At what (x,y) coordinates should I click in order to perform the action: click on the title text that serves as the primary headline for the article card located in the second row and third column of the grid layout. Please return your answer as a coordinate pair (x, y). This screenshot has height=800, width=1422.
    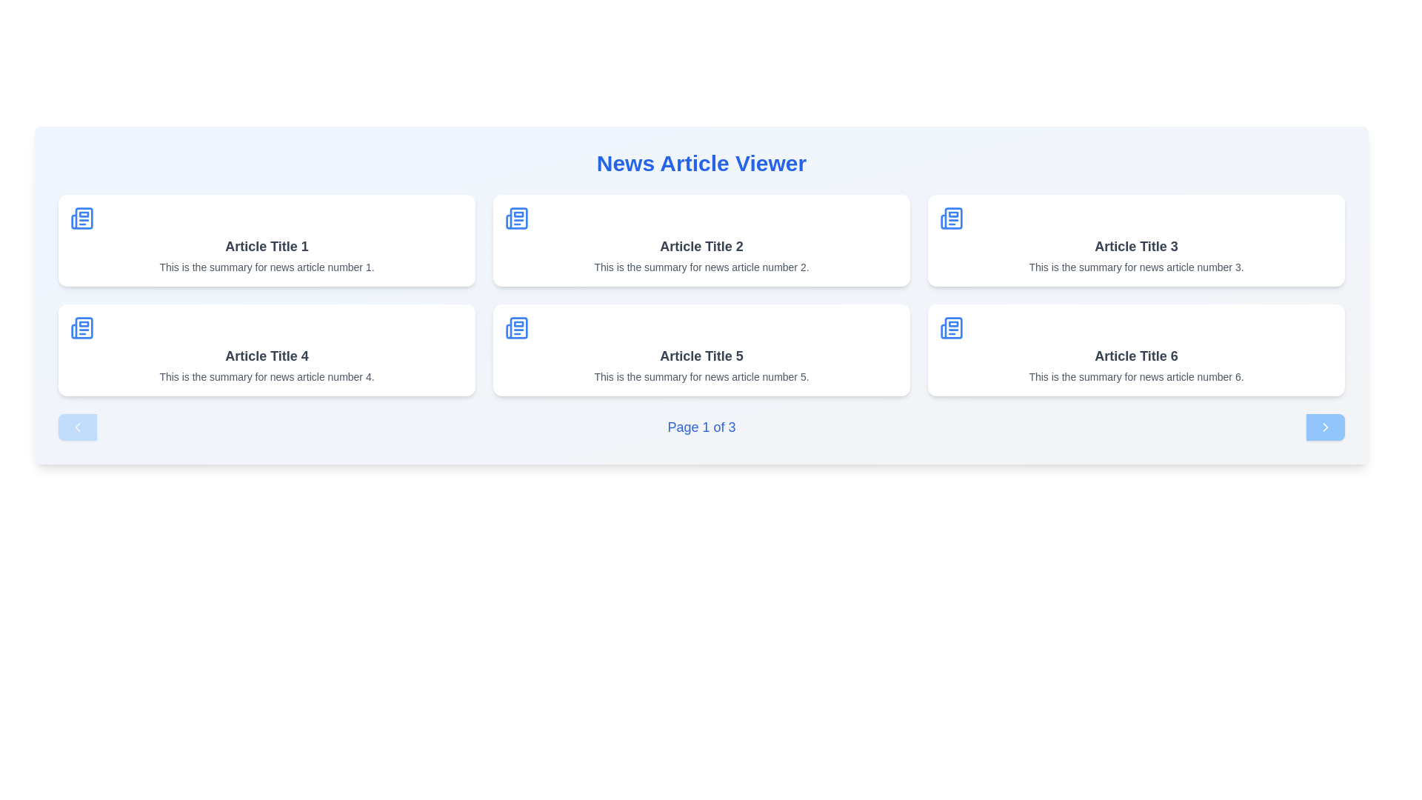
    Looking at the image, I should click on (701, 356).